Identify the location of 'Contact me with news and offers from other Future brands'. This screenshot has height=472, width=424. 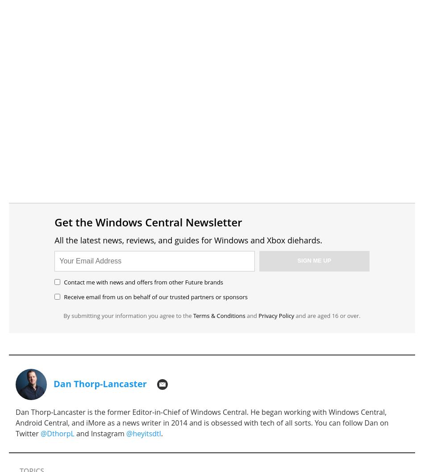
(143, 282).